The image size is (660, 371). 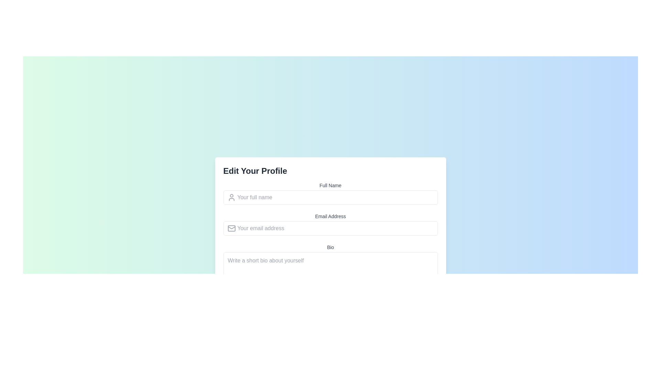 What do you see at coordinates (330, 270) in the screenshot?
I see `to rearrange the cursor position within the multiline text input labeled 'Bio', which features a bold title and placeholder text 'Write a short bio about yourself'` at bounding box center [330, 270].